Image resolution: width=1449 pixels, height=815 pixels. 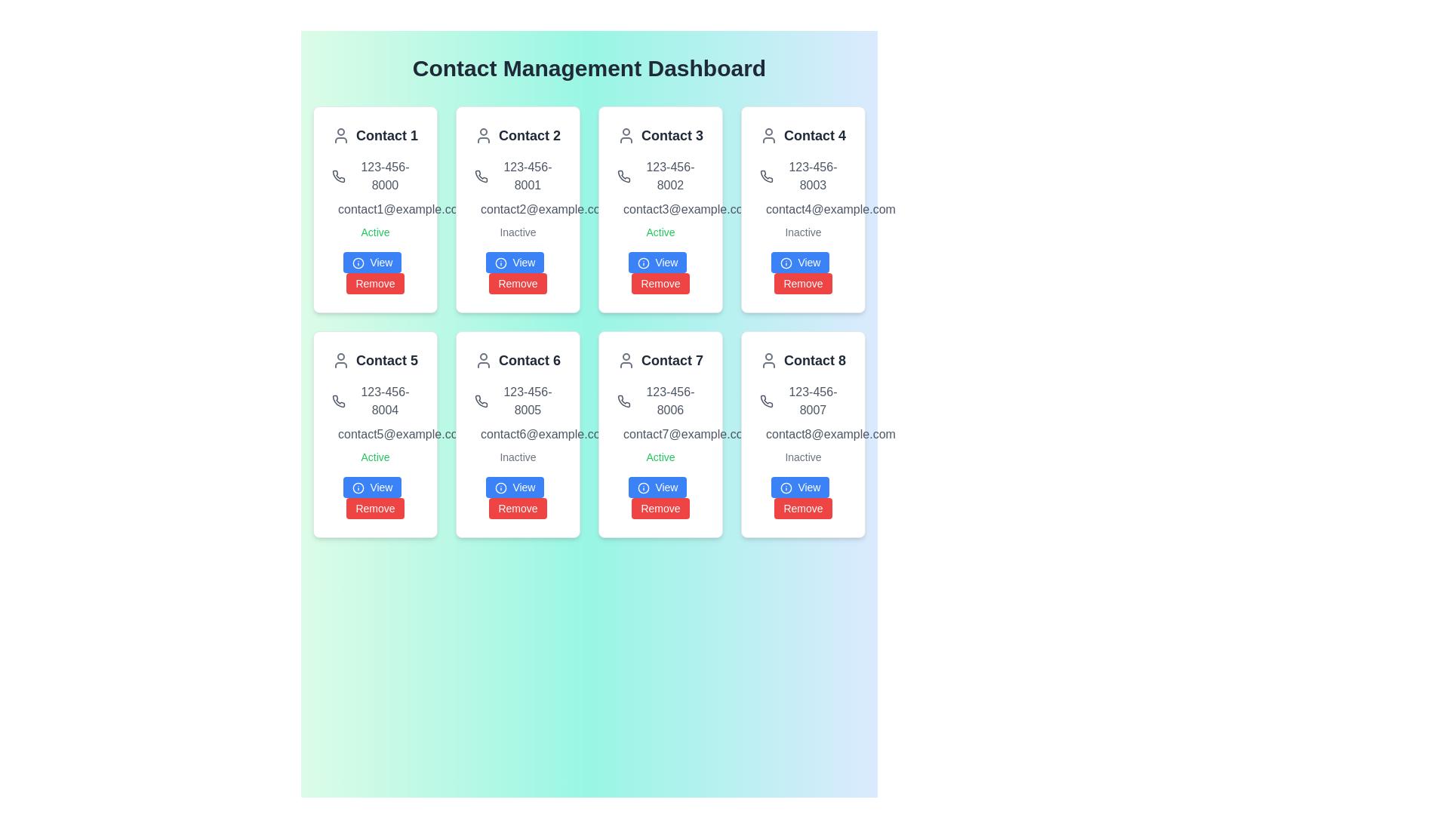 What do you see at coordinates (484, 136) in the screenshot?
I see `the user profile SVG icon representing 'Contact 2' located in the second card of the dashboard layout` at bounding box center [484, 136].